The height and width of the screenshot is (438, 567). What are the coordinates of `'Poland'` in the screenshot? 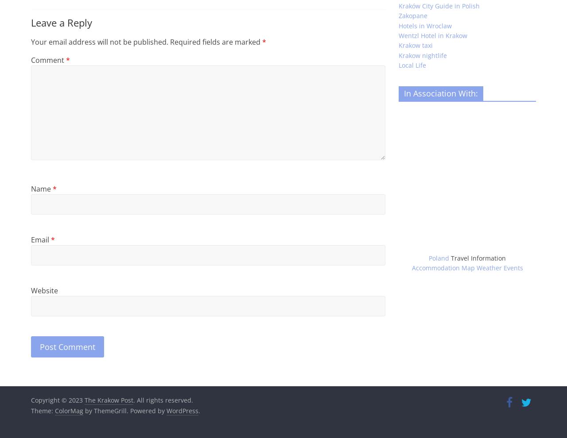 It's located at (428, 258).